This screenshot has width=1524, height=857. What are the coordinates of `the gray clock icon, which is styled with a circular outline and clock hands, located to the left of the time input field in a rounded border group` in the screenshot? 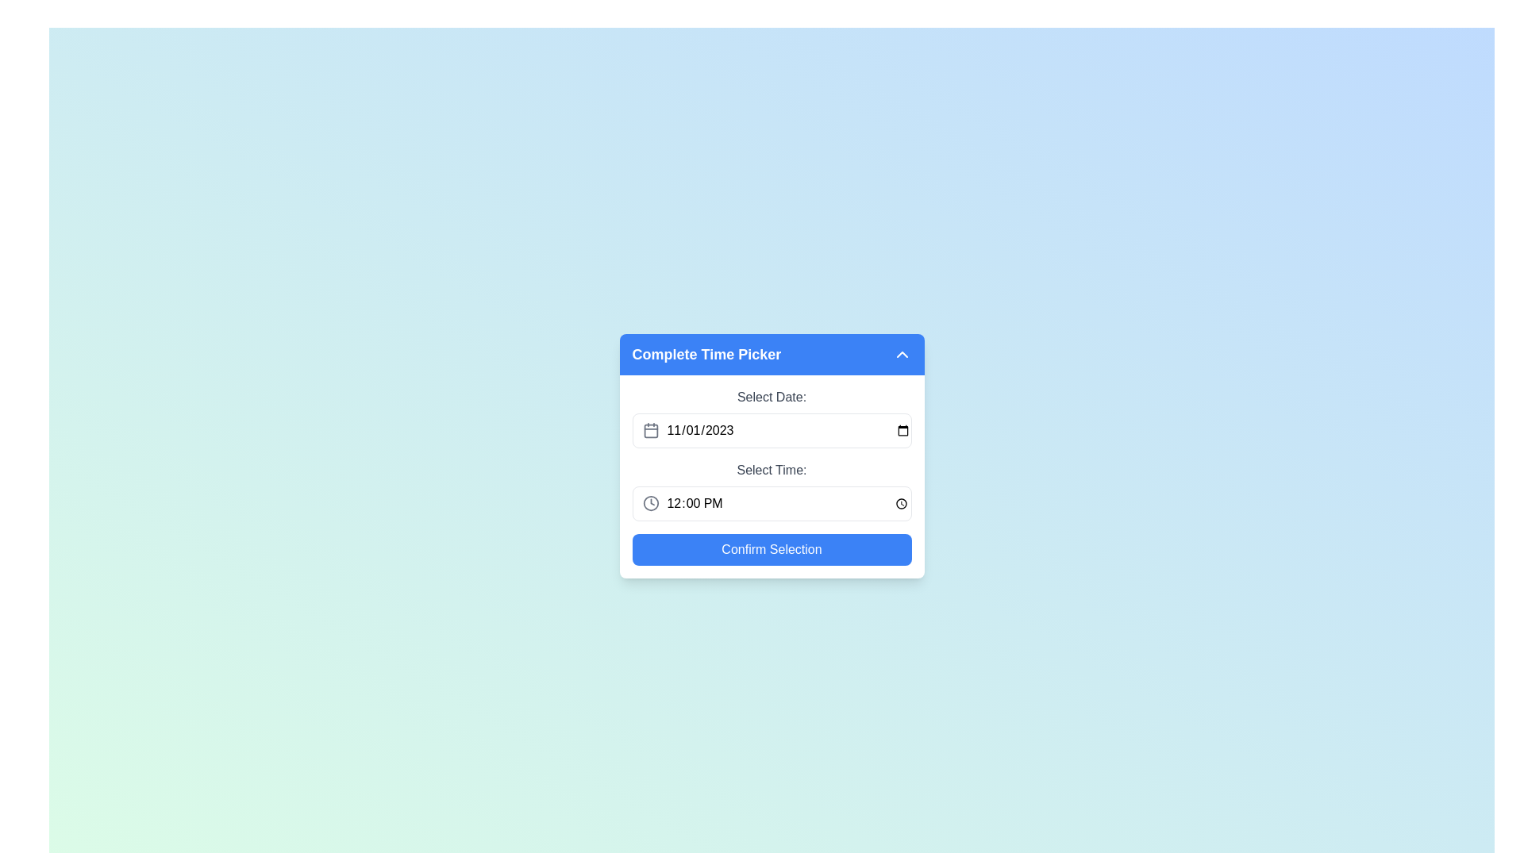 It's located at (651, 504).